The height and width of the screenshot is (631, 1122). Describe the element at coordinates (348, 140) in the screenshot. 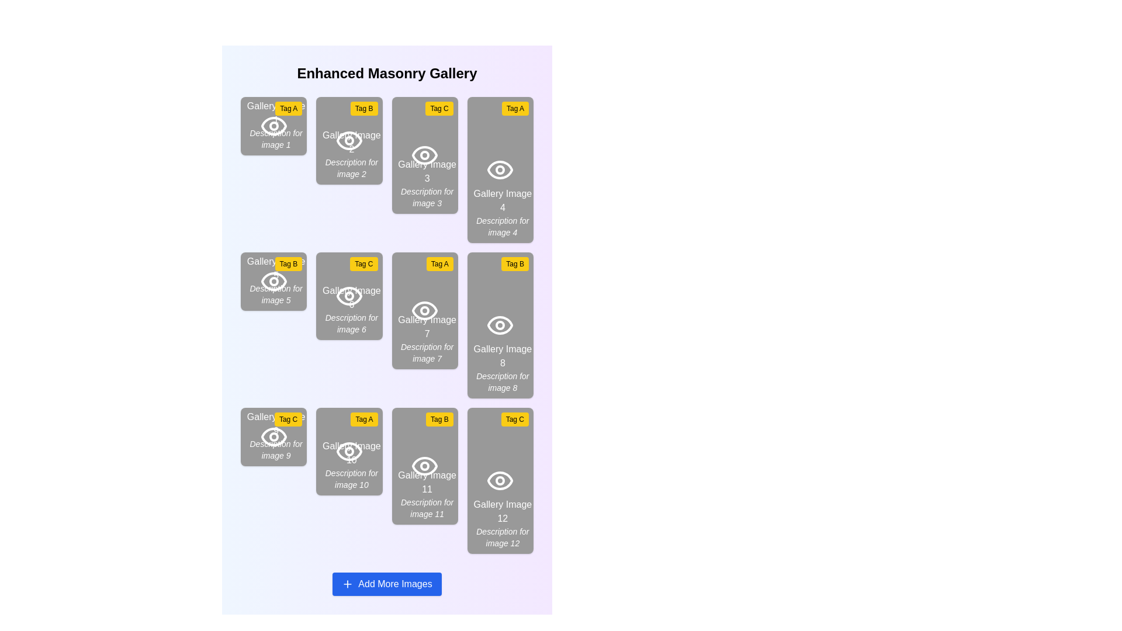

I see `the small circular graphical element that is centrally positioned within the eye-shaped icon in the tile labeled 'Gallery Image 6'` at that location.